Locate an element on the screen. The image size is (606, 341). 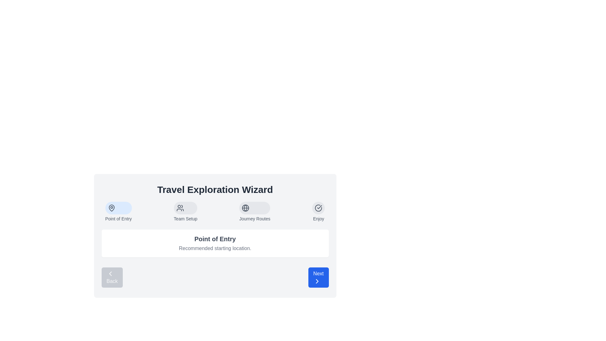
the blue map pin icon located to the left of the 'Point of Entry' text to interact with its related functionality is located at coordinates (111, 208).